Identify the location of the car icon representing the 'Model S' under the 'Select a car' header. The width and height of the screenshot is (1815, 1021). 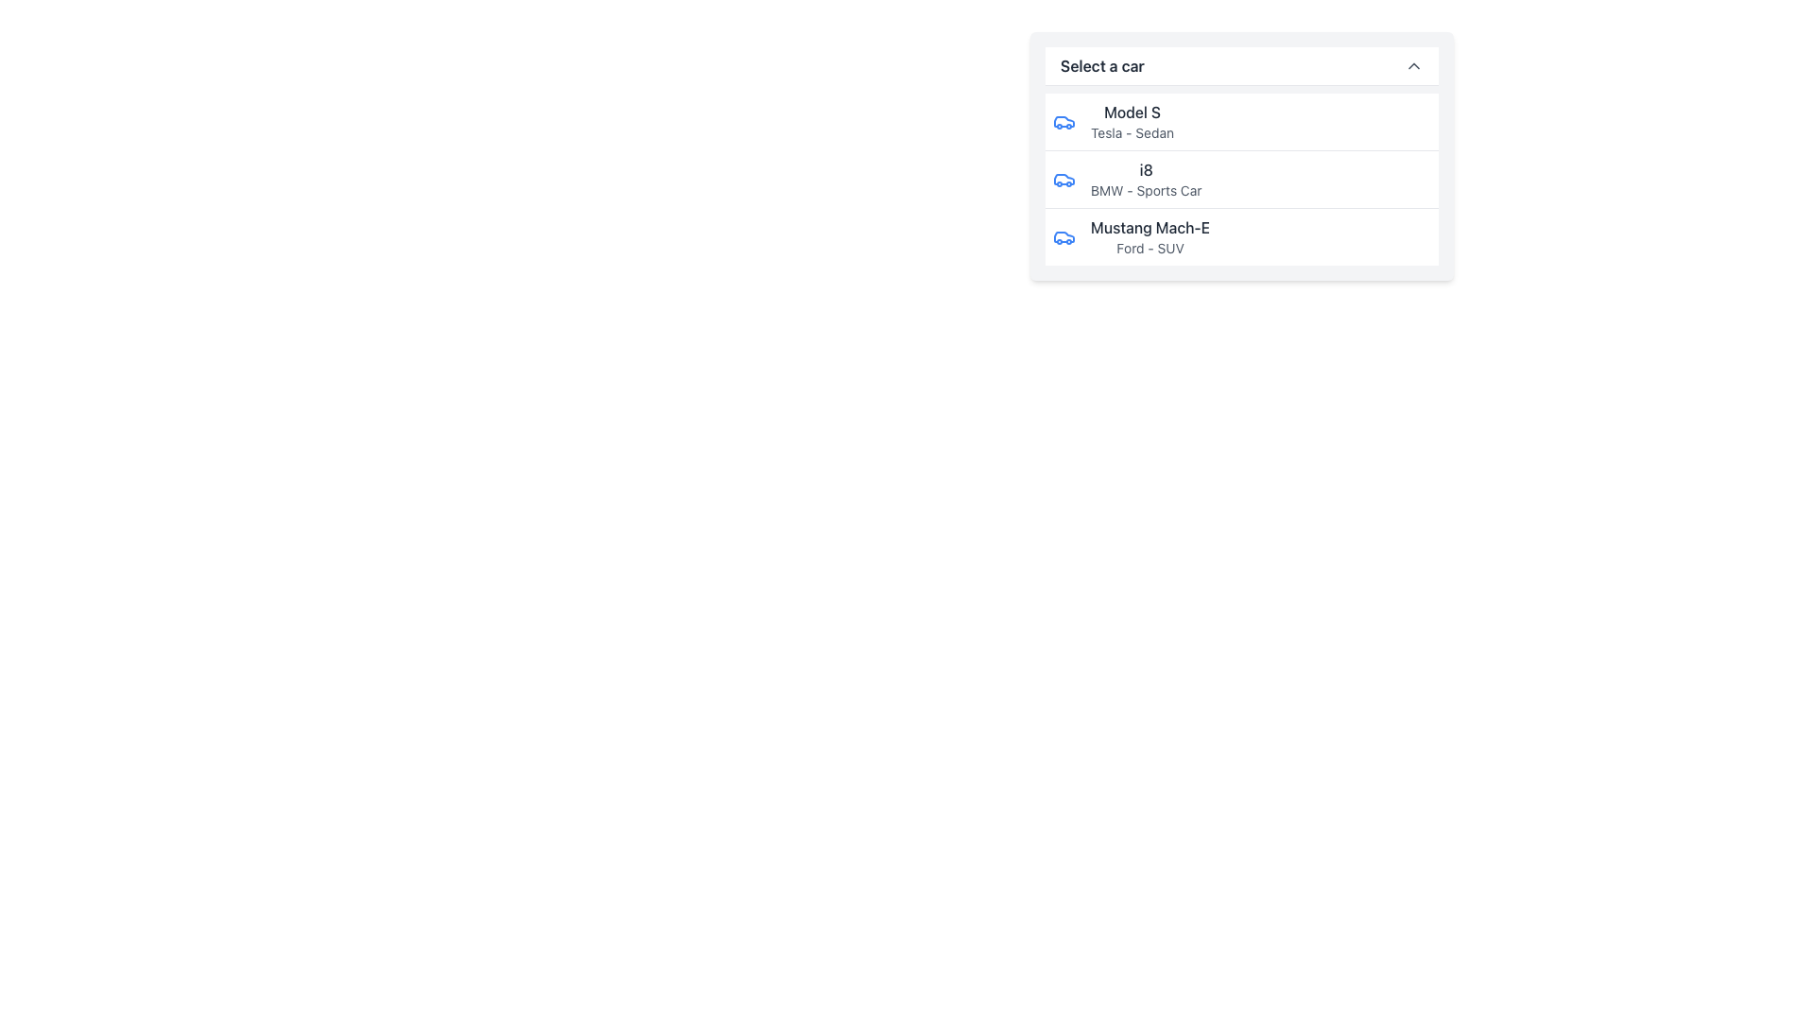
(1064, 121).